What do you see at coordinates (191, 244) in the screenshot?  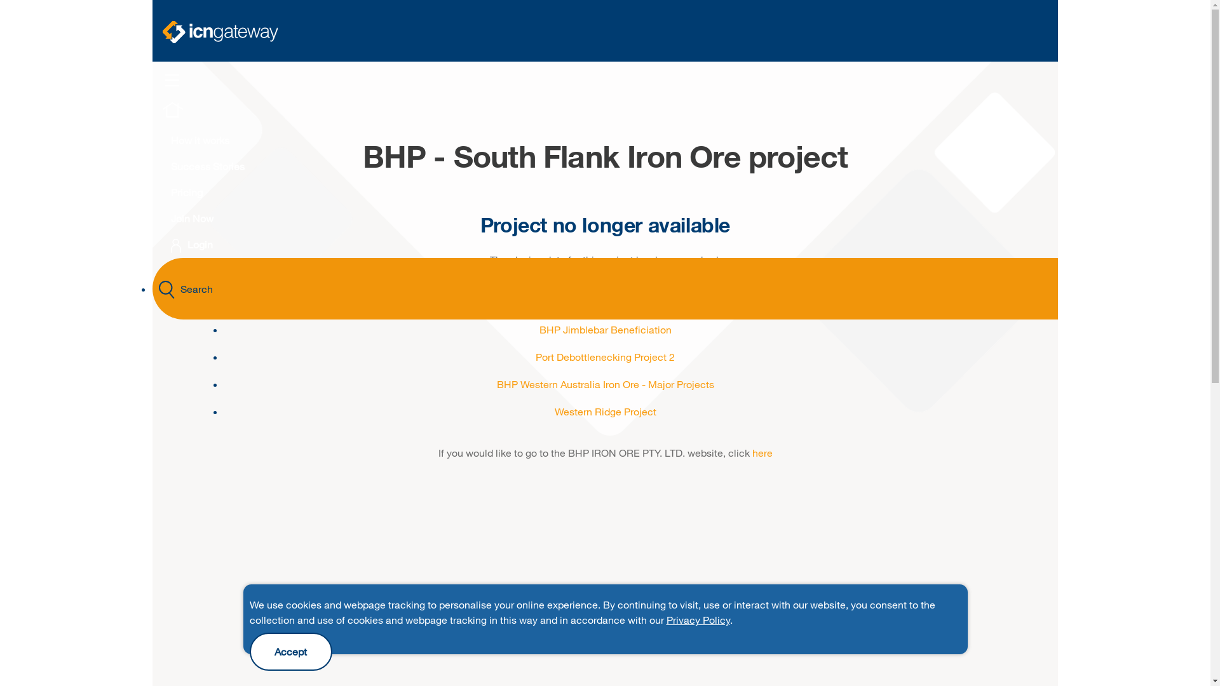 I see `'Login'` at bounding box center [191, 244].